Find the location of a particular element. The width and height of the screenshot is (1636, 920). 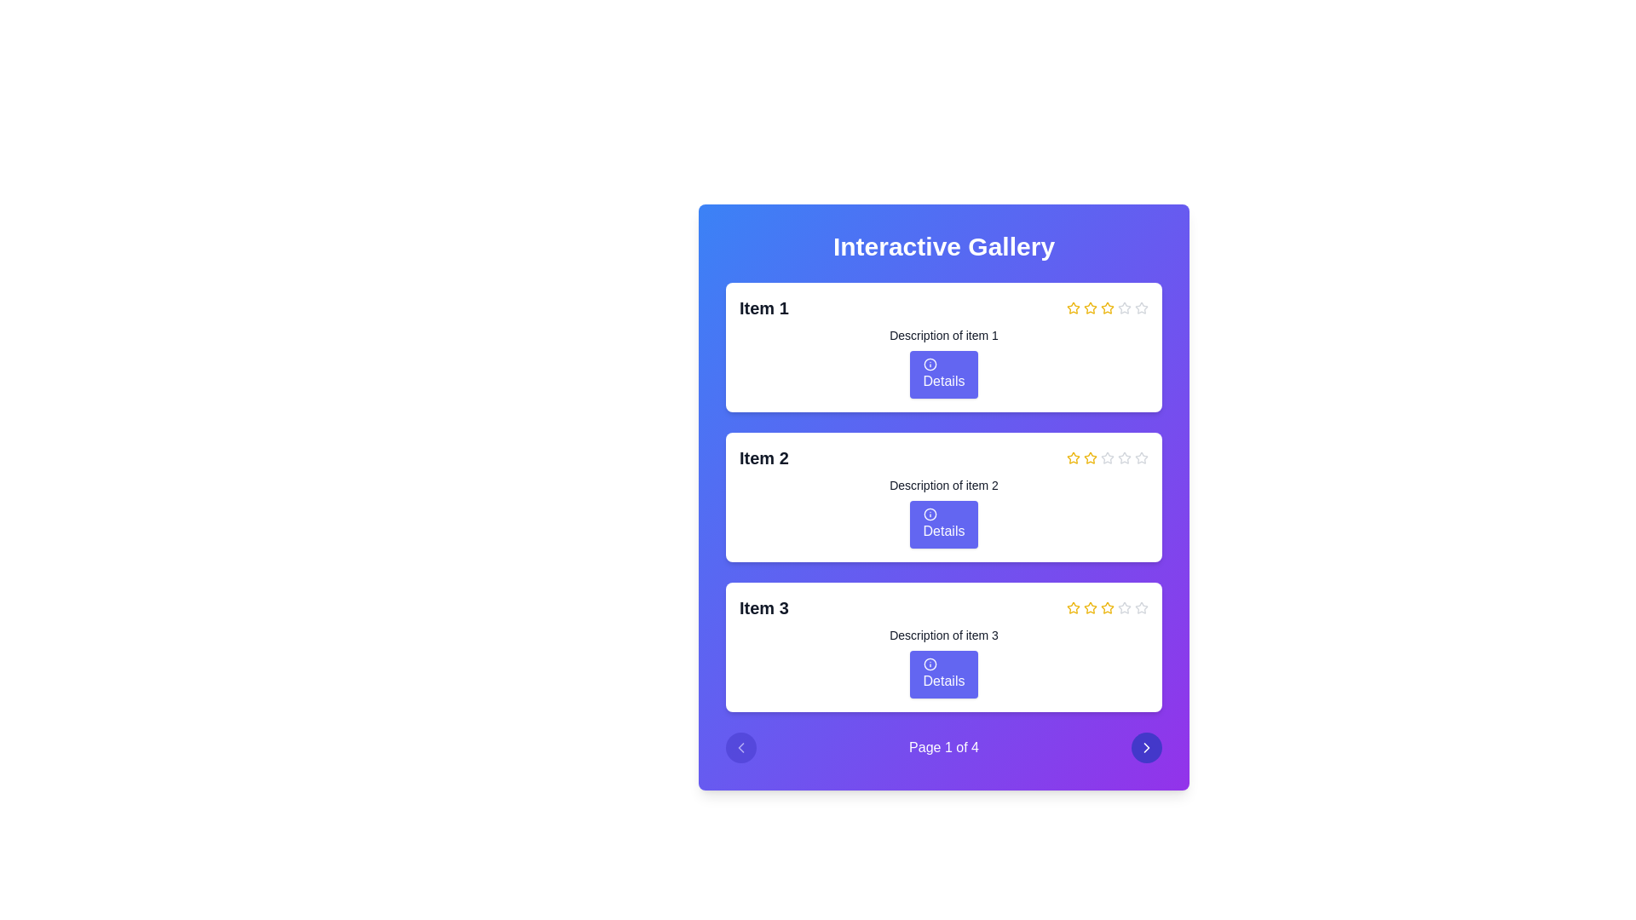

the fifth unfilled gray star icon in the 'Item 2' card of the gallery layout is located at coordinates (1141, 457).